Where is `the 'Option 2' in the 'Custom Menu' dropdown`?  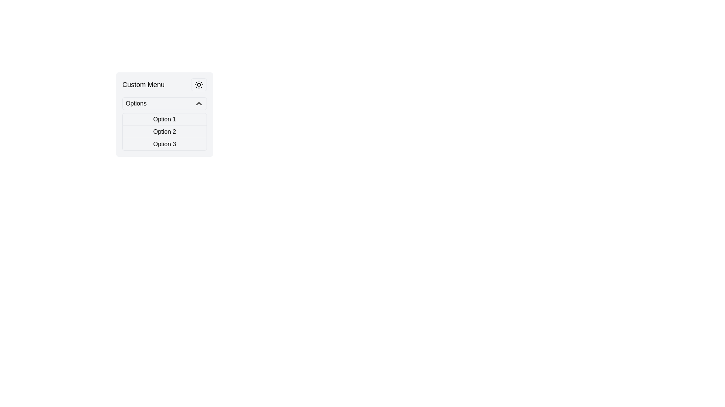 the 'Option 2' in the 'Custom Menu' dropdown is located at coordinates (195, 132).